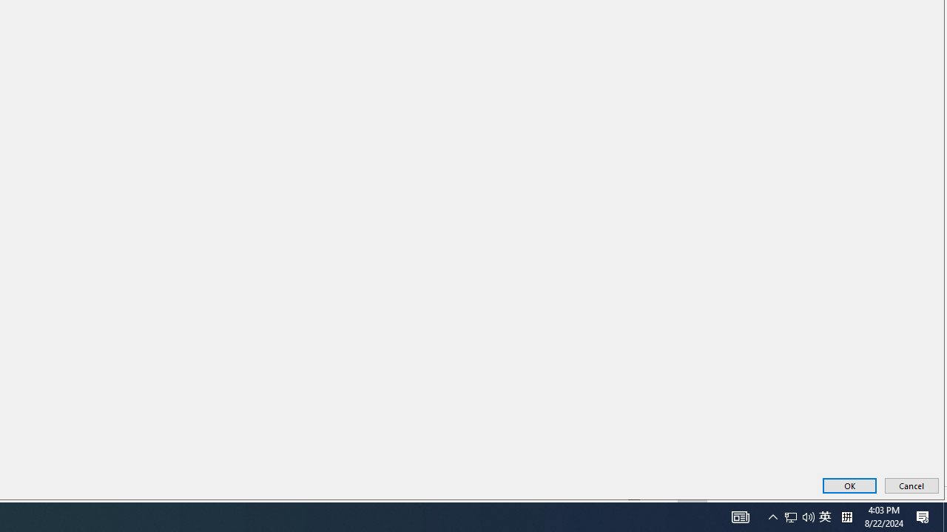 The height and width of the screenshot is (532, 947). I want to click on 'Cancel', so click(911, 485).